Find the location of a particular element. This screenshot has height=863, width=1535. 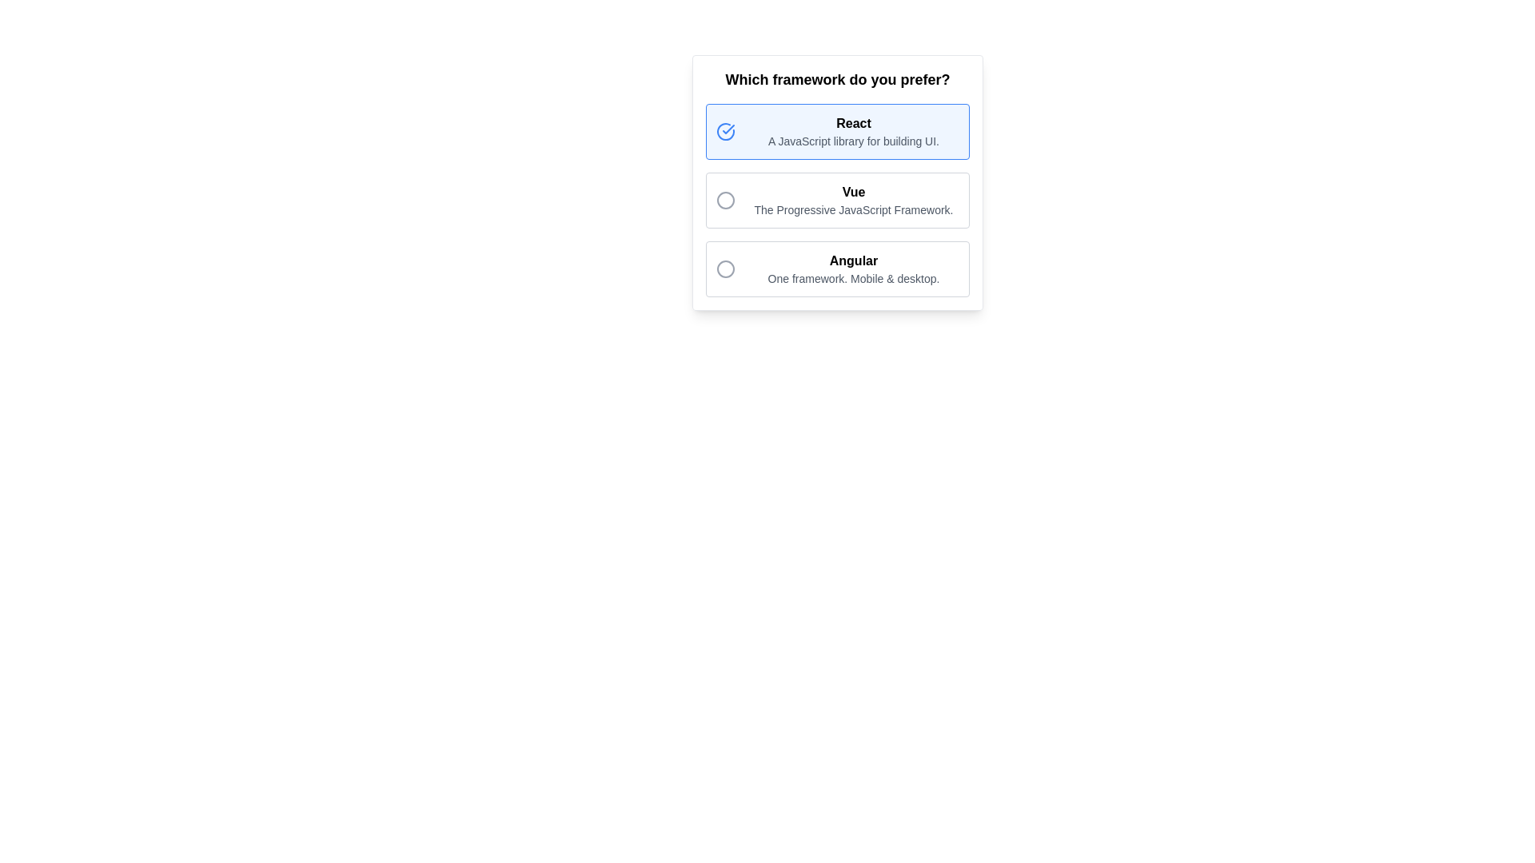

the unselected radio button labeled 'Angular' within the list of frameworks for user selection, which is the third option under 'Which framework do you prefer?' is located at coordinates (836, 268).